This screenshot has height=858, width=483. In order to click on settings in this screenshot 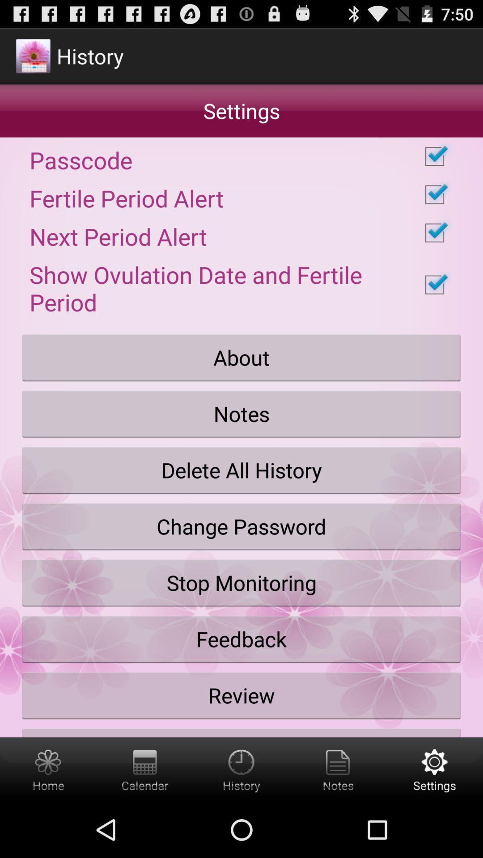, I will do `click(434, 769)`.